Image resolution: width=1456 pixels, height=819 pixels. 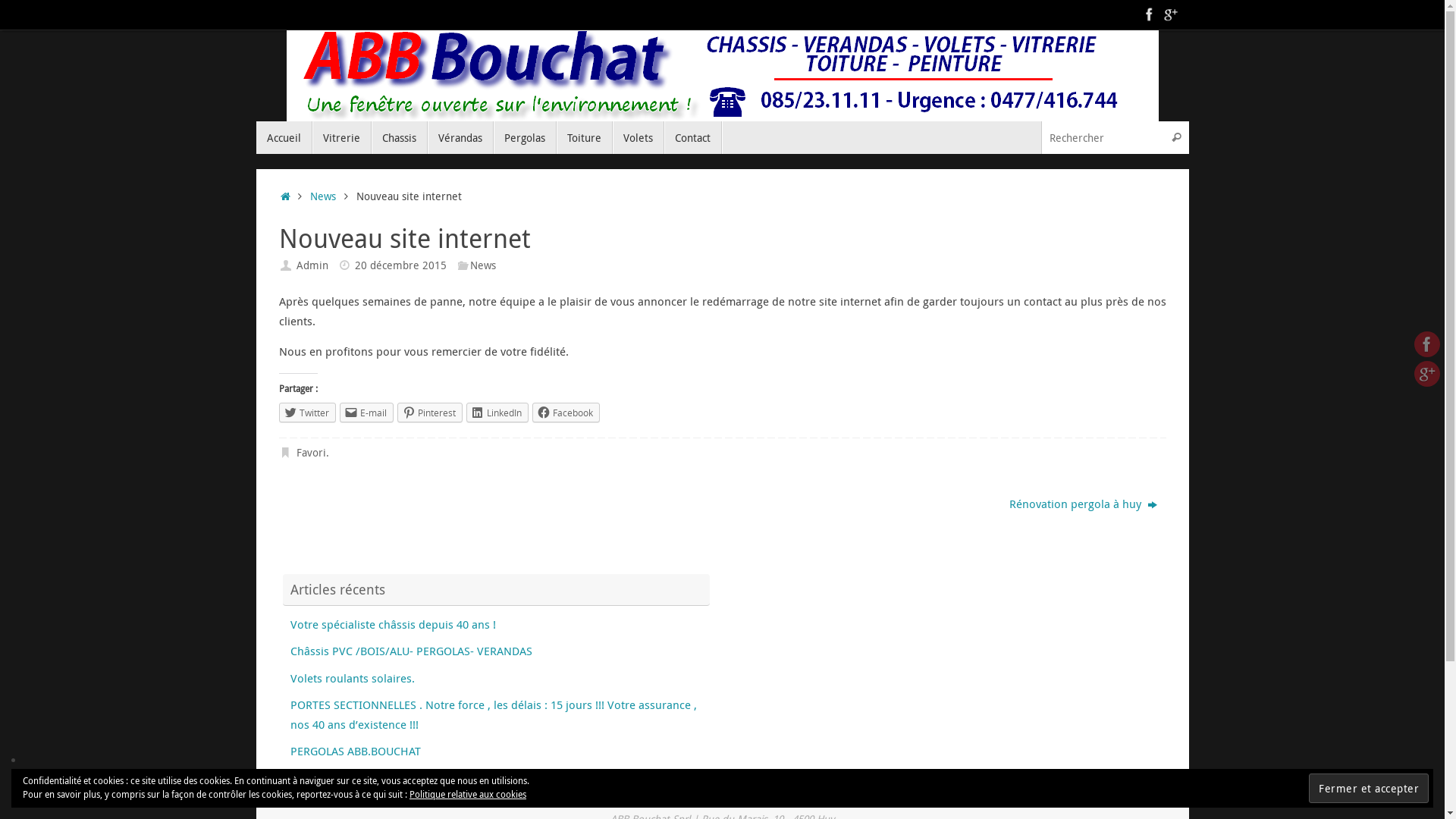 I want to click on 'Pinterest', so click(x=428, y=412).